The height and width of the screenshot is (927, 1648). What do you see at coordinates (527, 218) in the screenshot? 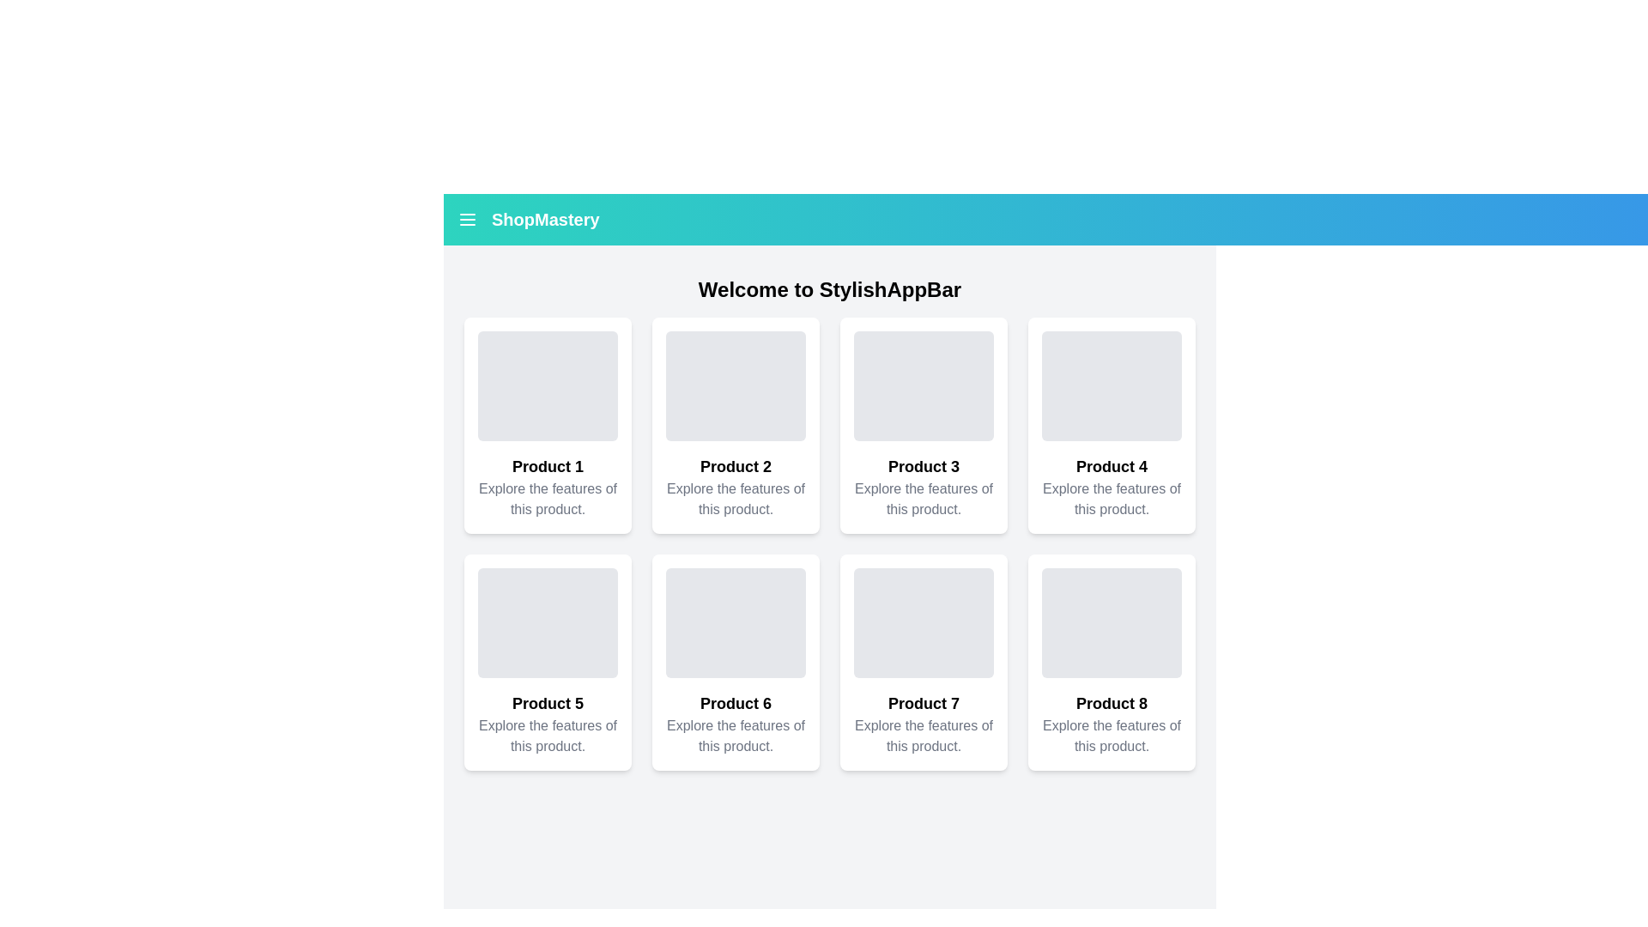
I see `the branding text label with accompanying icon located in the upper-left corner of the application header` at bounding box center [527, 218].